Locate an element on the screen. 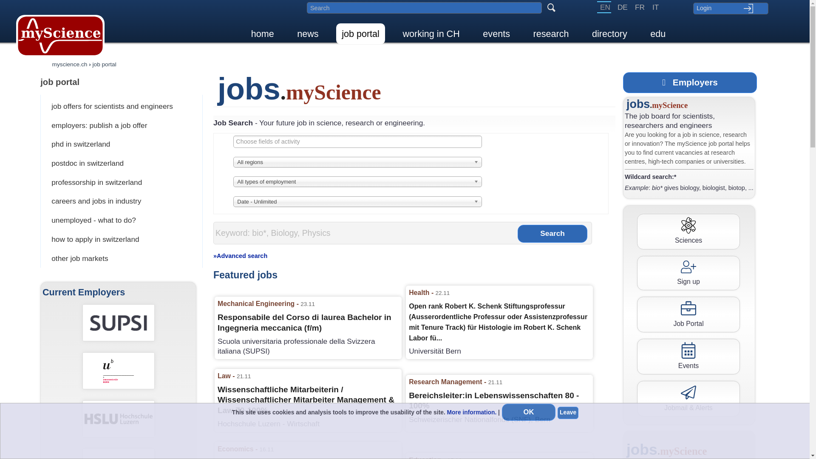 The width and height of the screenshot is (816, 459). 'working in CH' is located at coordinates (431, 33).